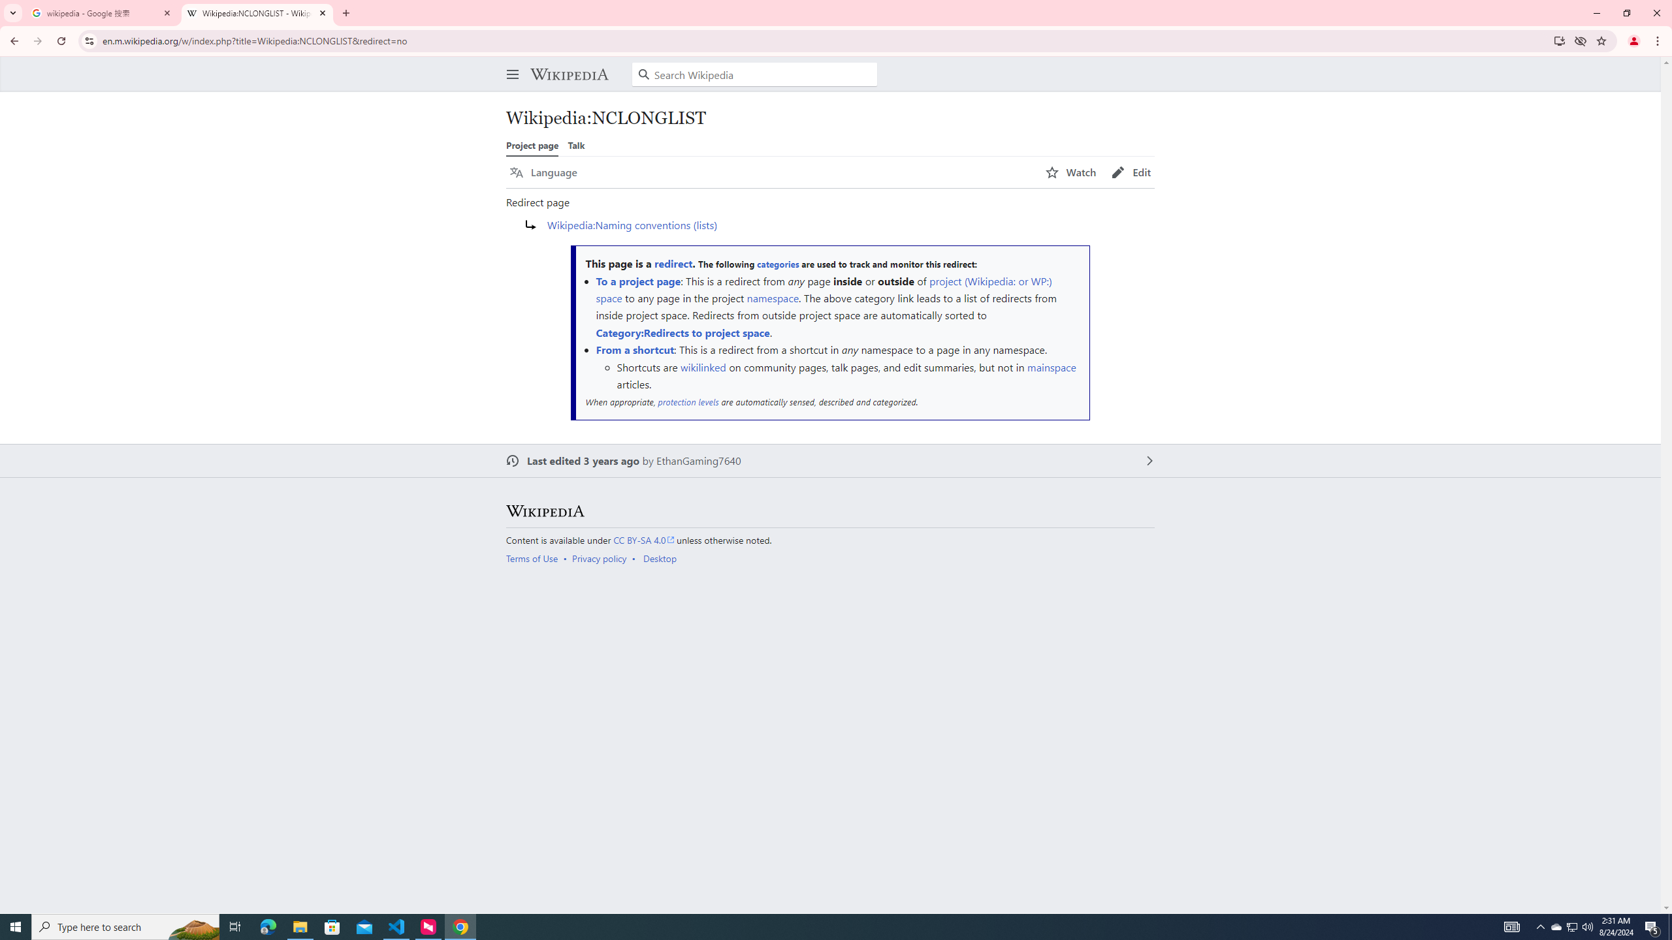 This screenshot has width=1672, height=940. Describe the element at coordinates (673, 262) in the screenshot. I see `'redirect'` at that location.